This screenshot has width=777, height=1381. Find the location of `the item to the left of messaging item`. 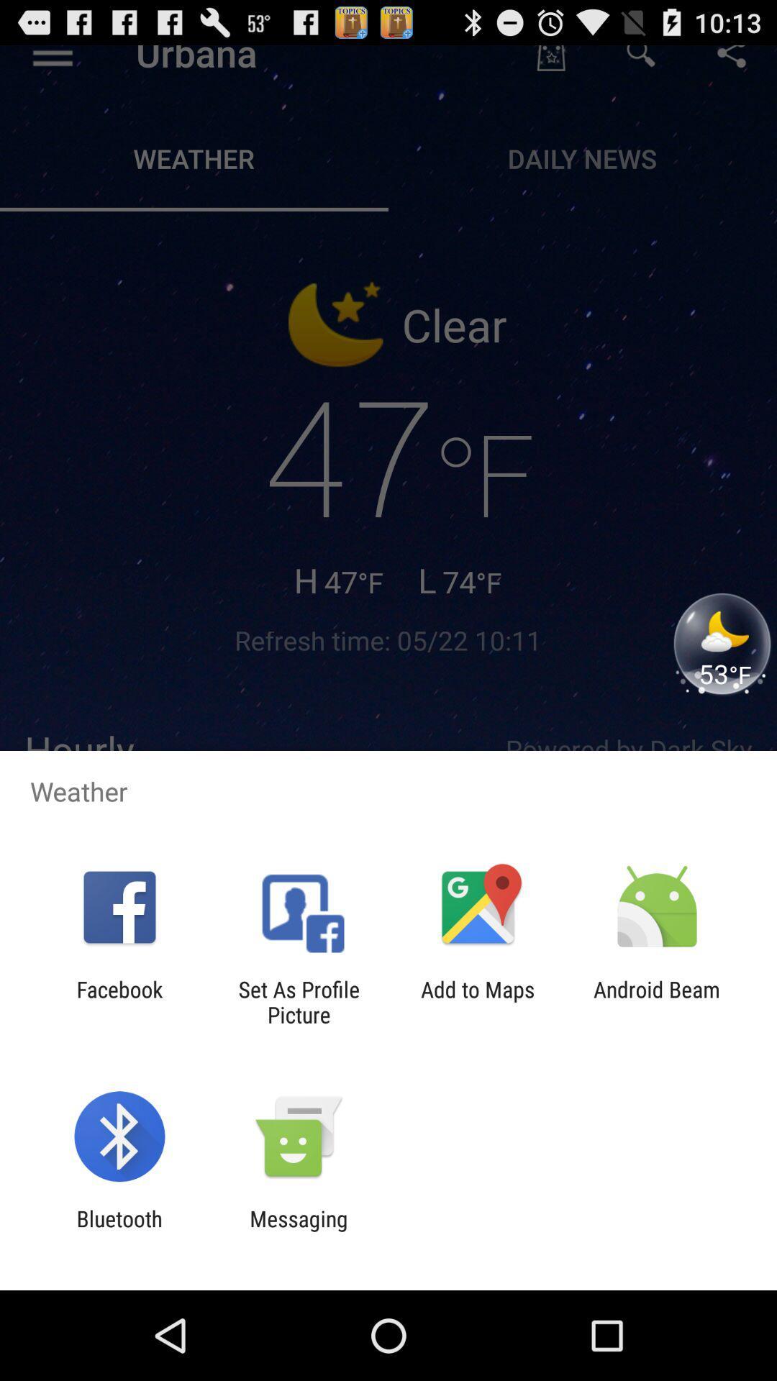

the item to the left of messaging item is located at coordinates (119, 1231).